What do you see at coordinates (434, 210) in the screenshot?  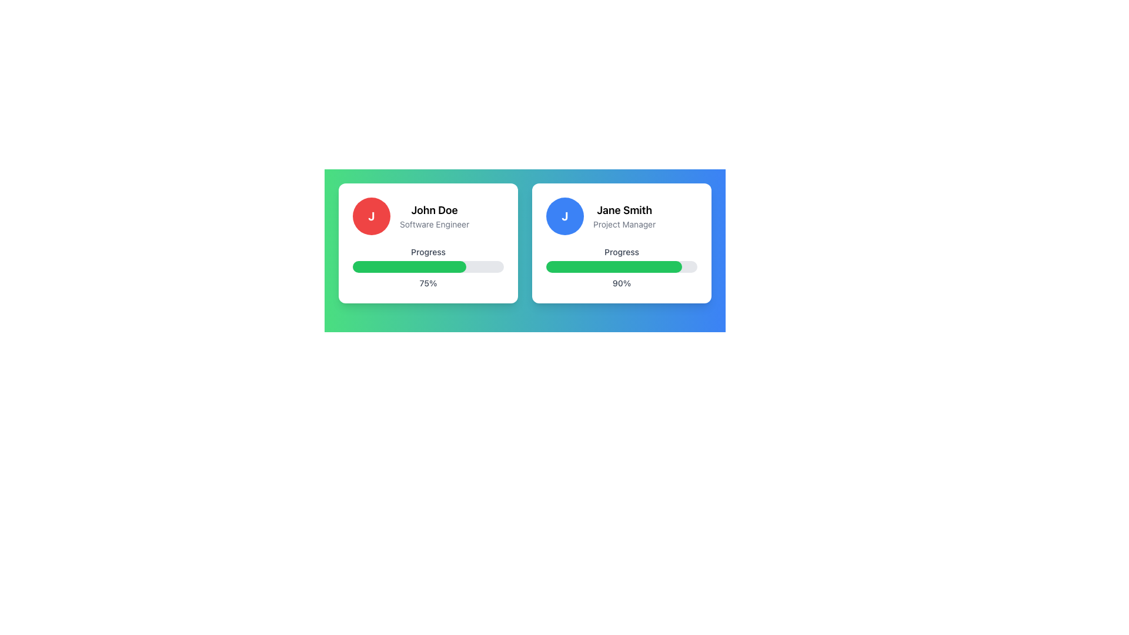 I see `user's name displayed in the text label, which shows 'John Doe' at the top-left card of the user card layout` at bounding box center [434, 210].